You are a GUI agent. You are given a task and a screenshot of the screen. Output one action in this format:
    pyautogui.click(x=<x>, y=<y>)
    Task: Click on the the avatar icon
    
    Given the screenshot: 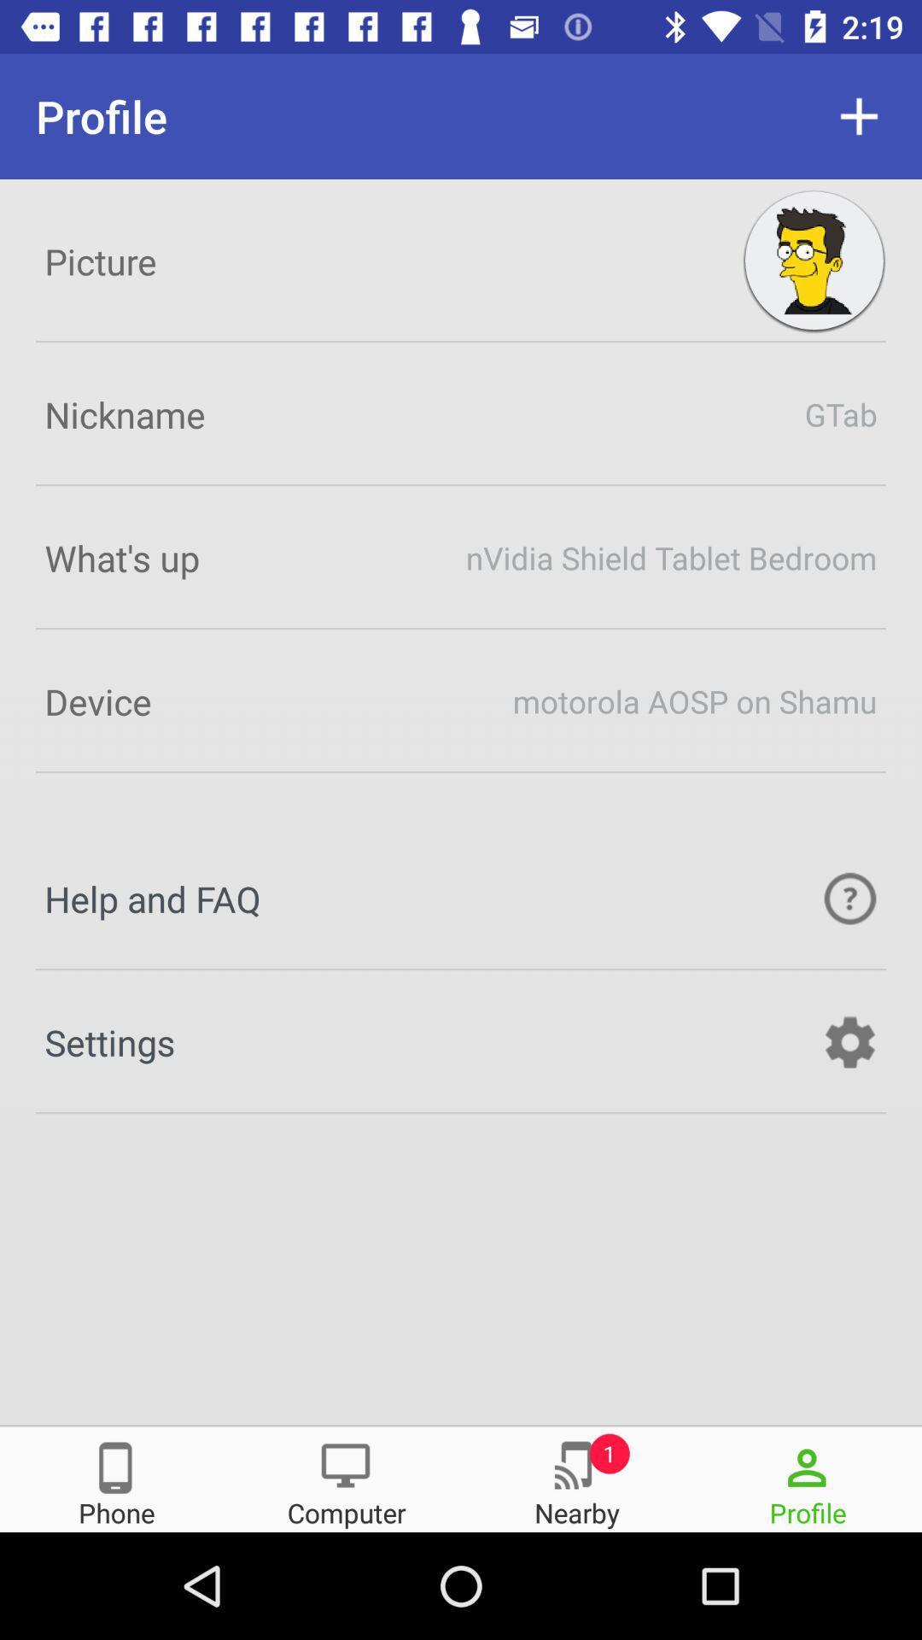 What is the action you would take?
    pyautogui.click(x=813, y=261)
    